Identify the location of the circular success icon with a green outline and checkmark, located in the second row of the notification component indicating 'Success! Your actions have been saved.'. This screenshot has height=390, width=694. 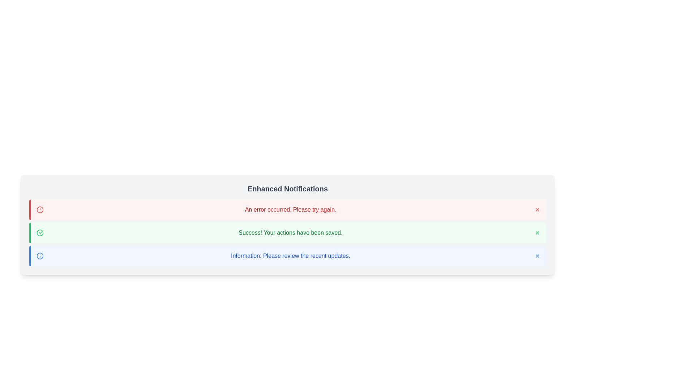
(39, 233).